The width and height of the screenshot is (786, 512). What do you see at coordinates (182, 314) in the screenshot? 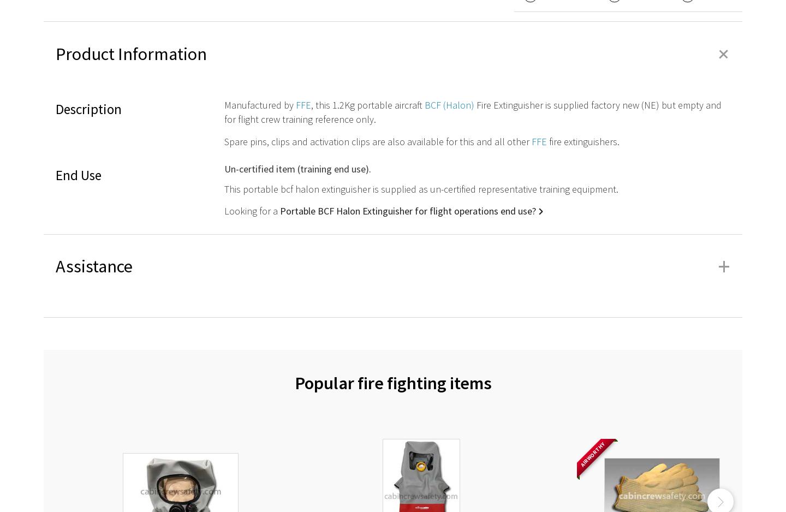
I see `'aircraft fire fighting equipment'` at bounding box center [182, 314].